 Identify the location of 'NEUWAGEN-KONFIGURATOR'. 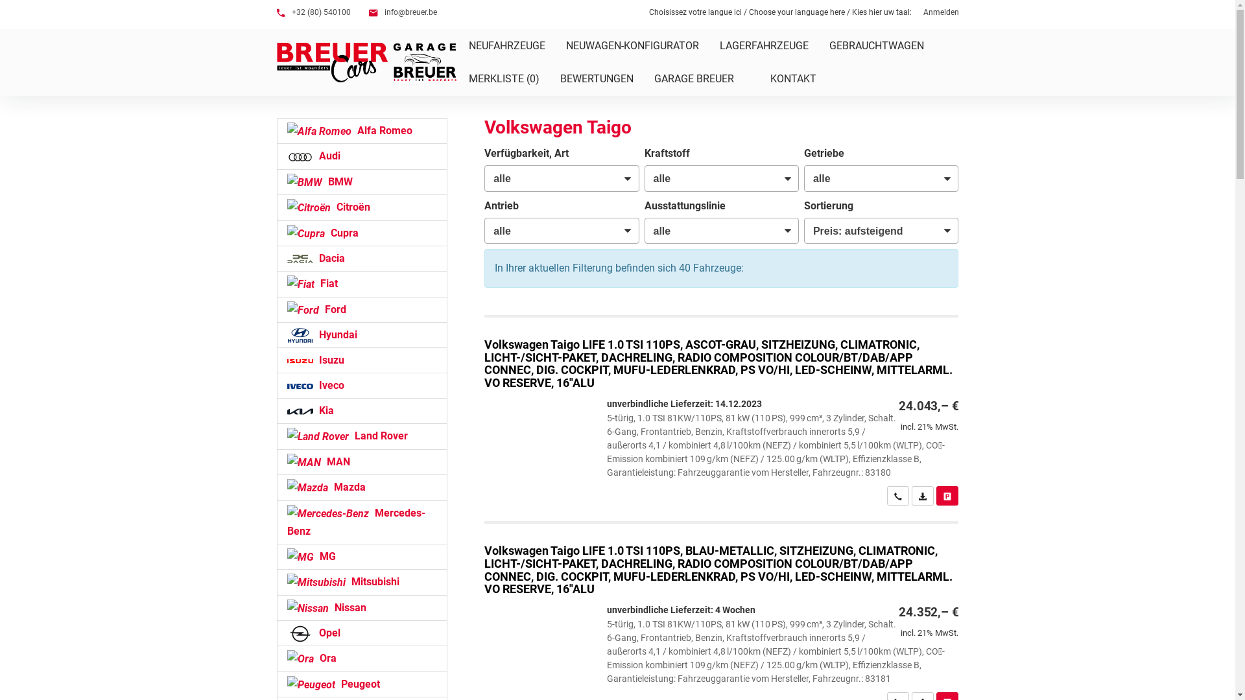
(632, 45).